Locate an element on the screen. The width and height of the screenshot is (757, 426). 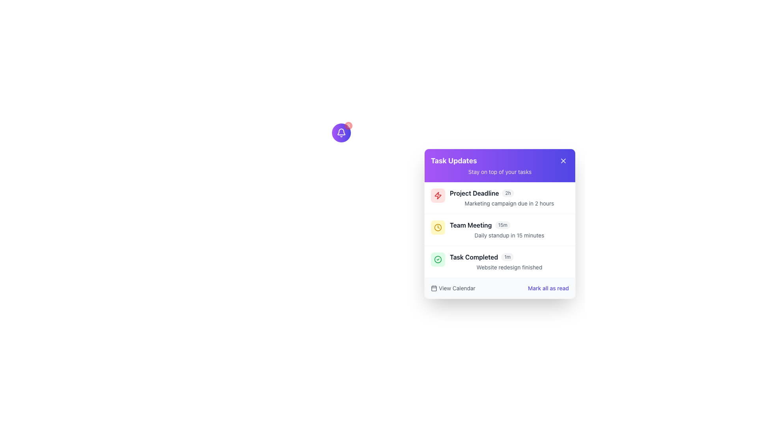
the text label that states 'Marketing campaign due in 2 hours', which is styled in gray and located under the 'Project Deadline' heading in the task notification card is located at coordinates (509, 203).